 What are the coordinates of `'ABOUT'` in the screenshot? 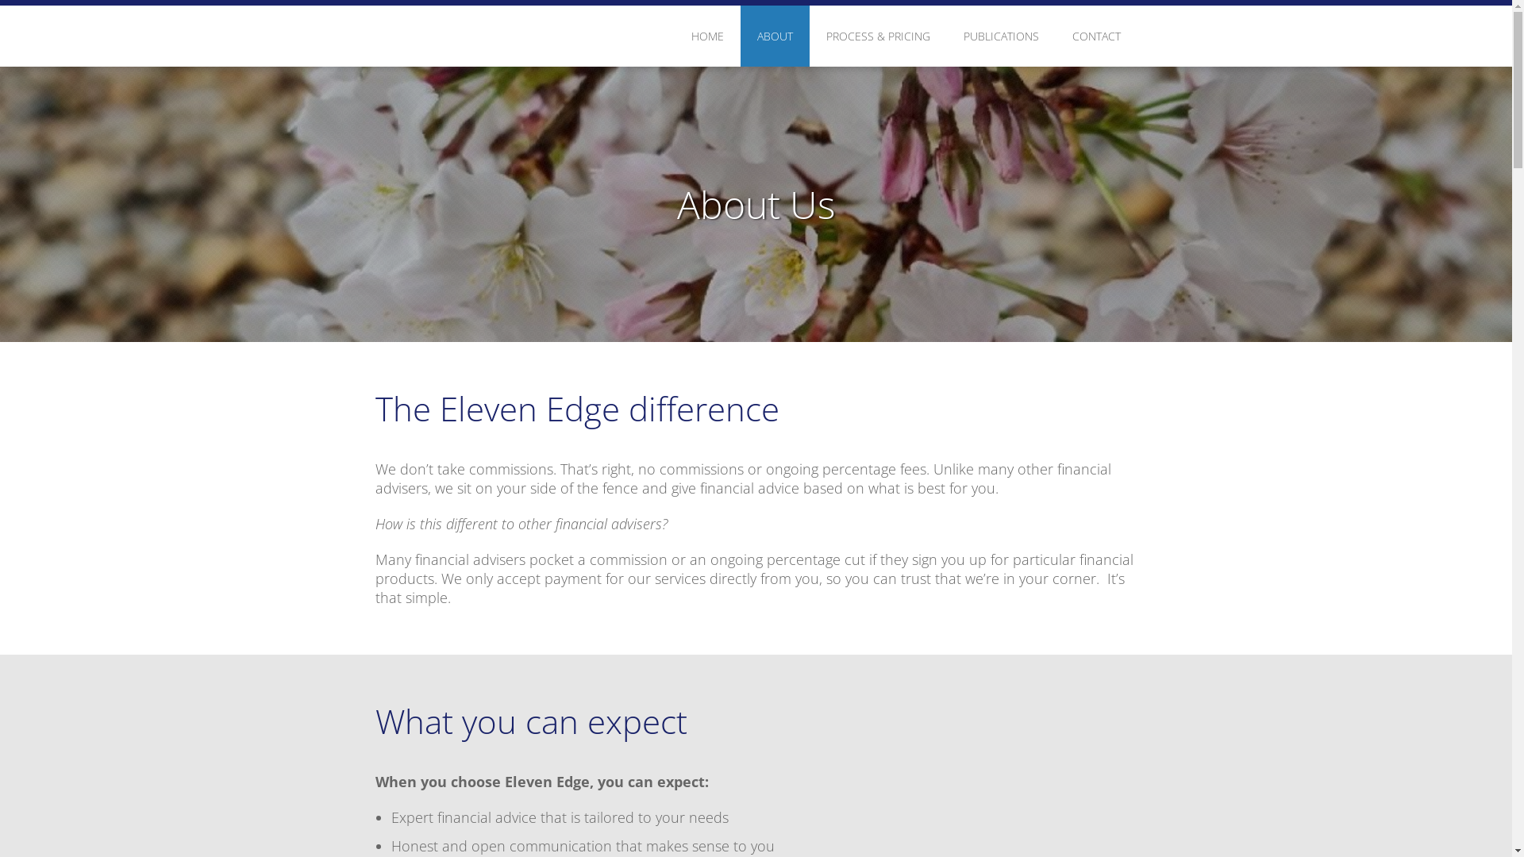 It's located at (774, 36).